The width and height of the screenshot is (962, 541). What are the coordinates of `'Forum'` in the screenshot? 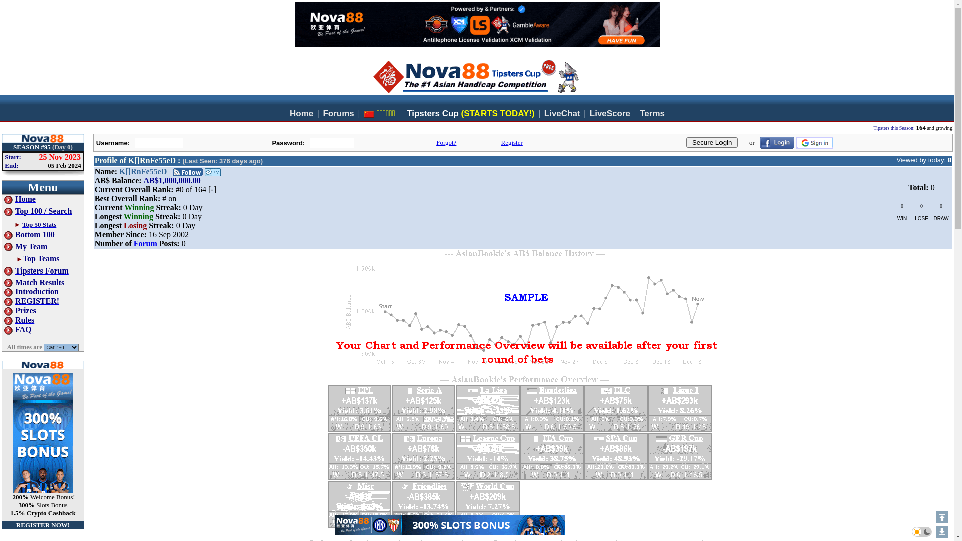 It's located at (145, 243).